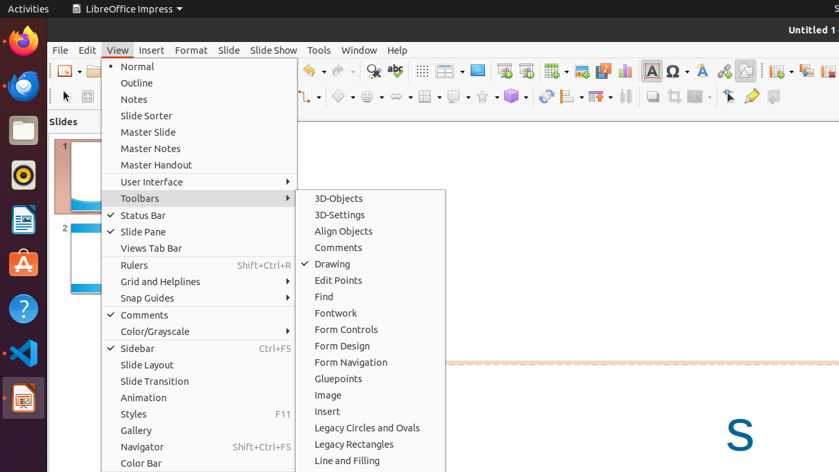  Describe the element at coordinates (199, 298) in the screenshot. I see `'Snap Guides'` at that location.